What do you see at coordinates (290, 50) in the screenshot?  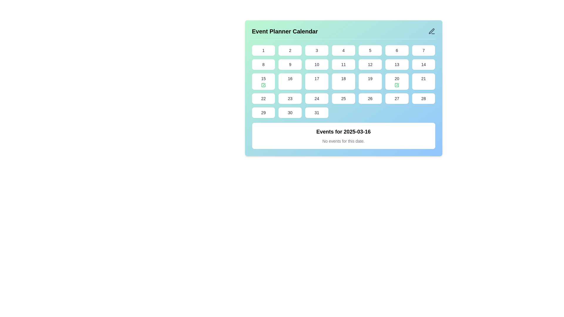 I see `the button-like box containing the number '2'` at bounding box center [290, 50].